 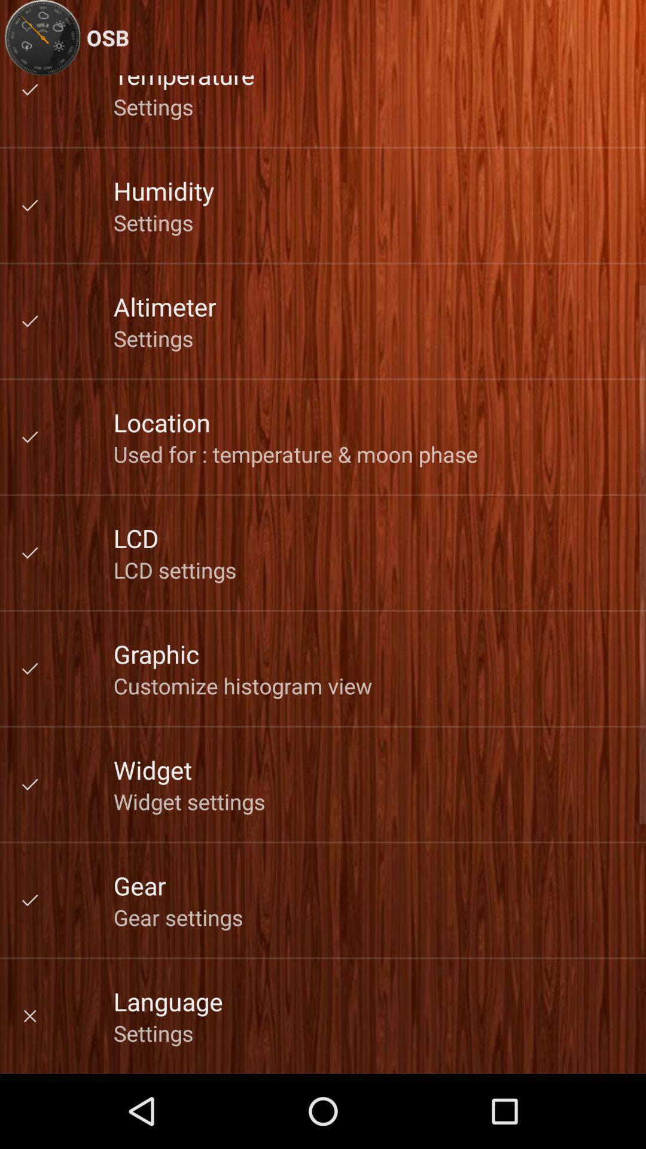 I want to click on the app below settings item, so click(x=161, y=422).